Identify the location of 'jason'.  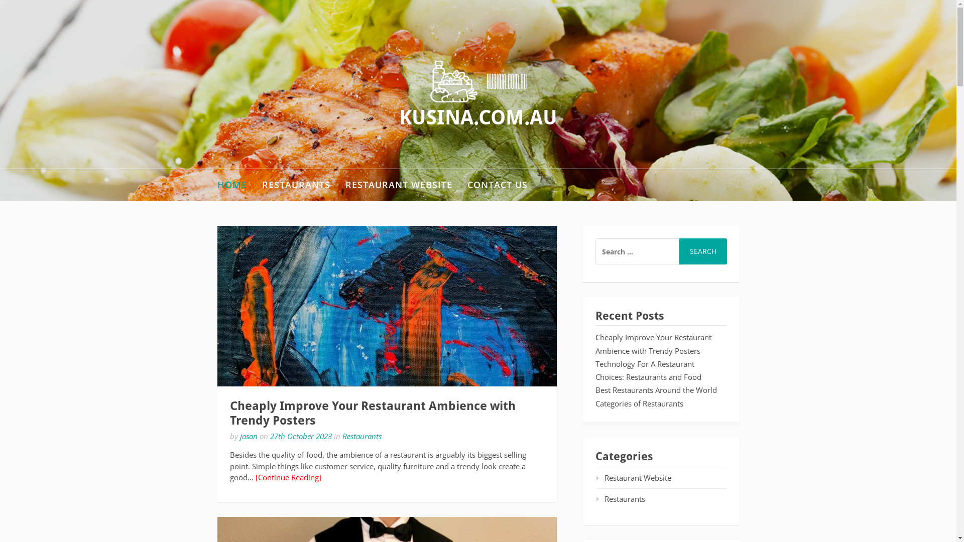
(249, 435).